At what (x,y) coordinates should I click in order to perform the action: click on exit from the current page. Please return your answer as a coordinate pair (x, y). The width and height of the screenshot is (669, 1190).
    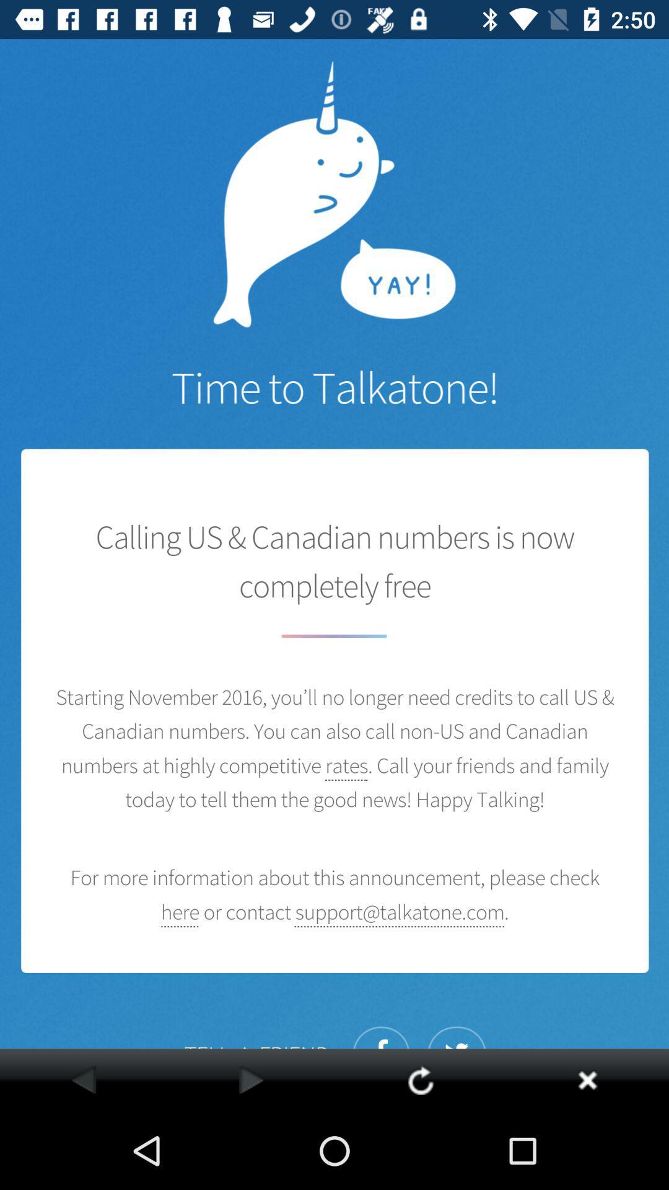
    Looking at the image, I should click on (587, 1079).